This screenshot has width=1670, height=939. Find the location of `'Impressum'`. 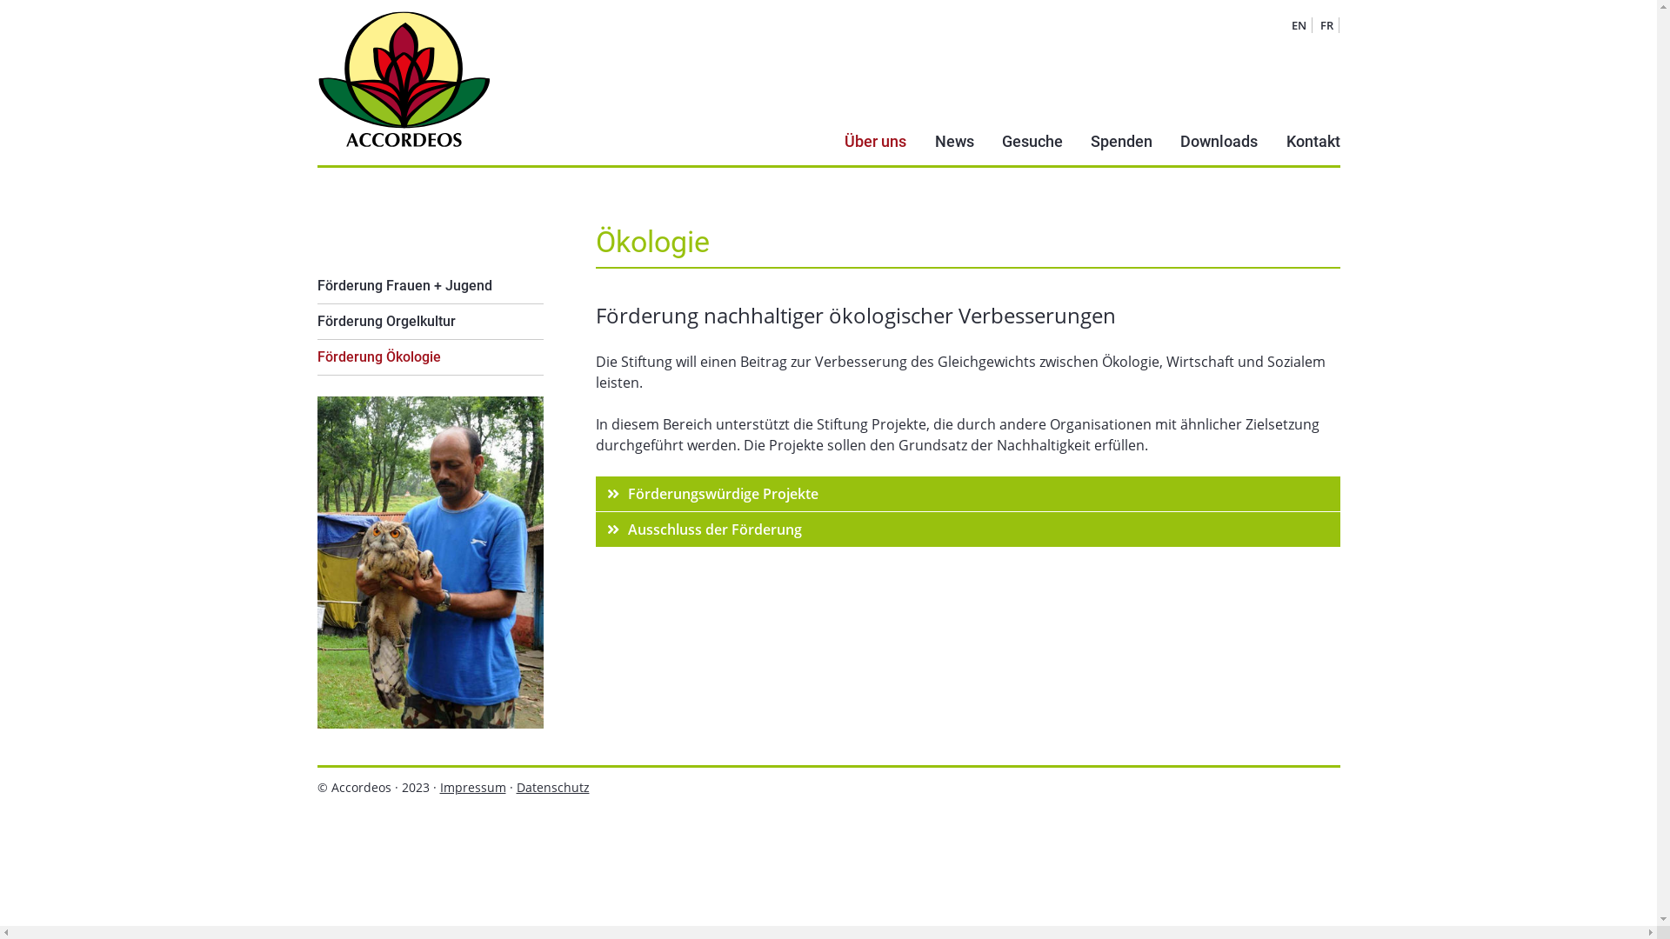

'Impressum' is located at coordinates (439, 787).